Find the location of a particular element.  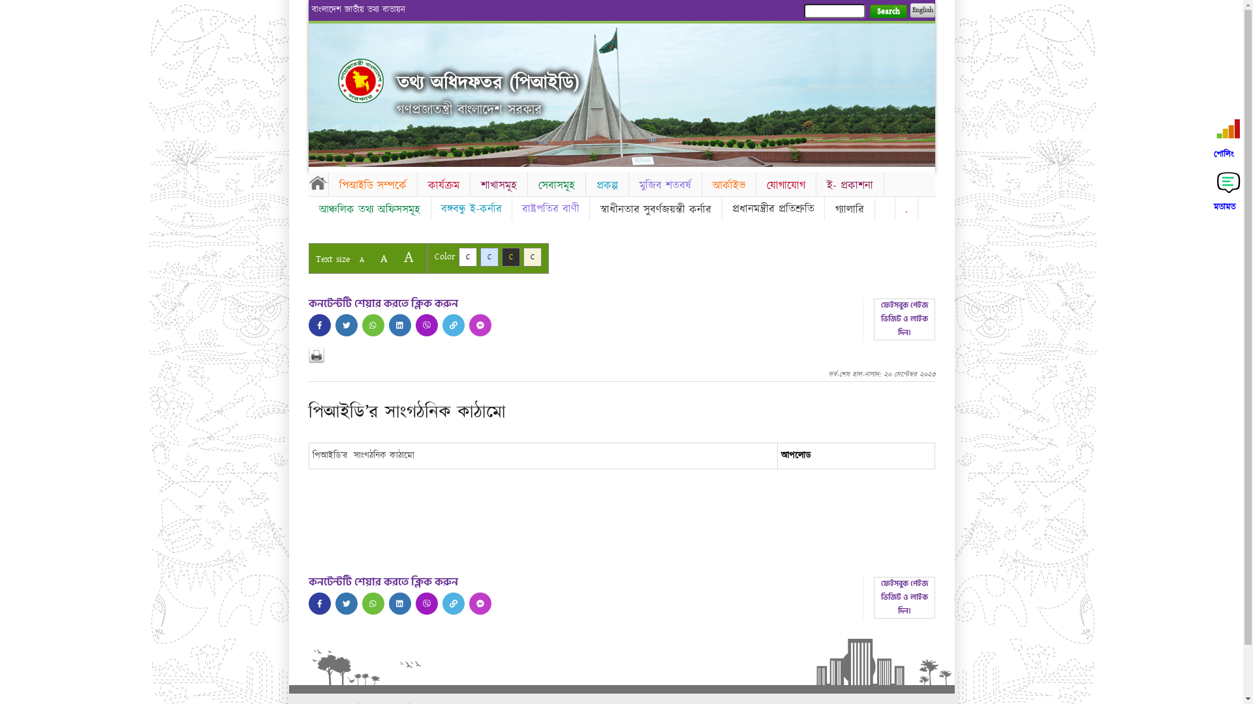

'Home' is located at coordinates (307, 183).